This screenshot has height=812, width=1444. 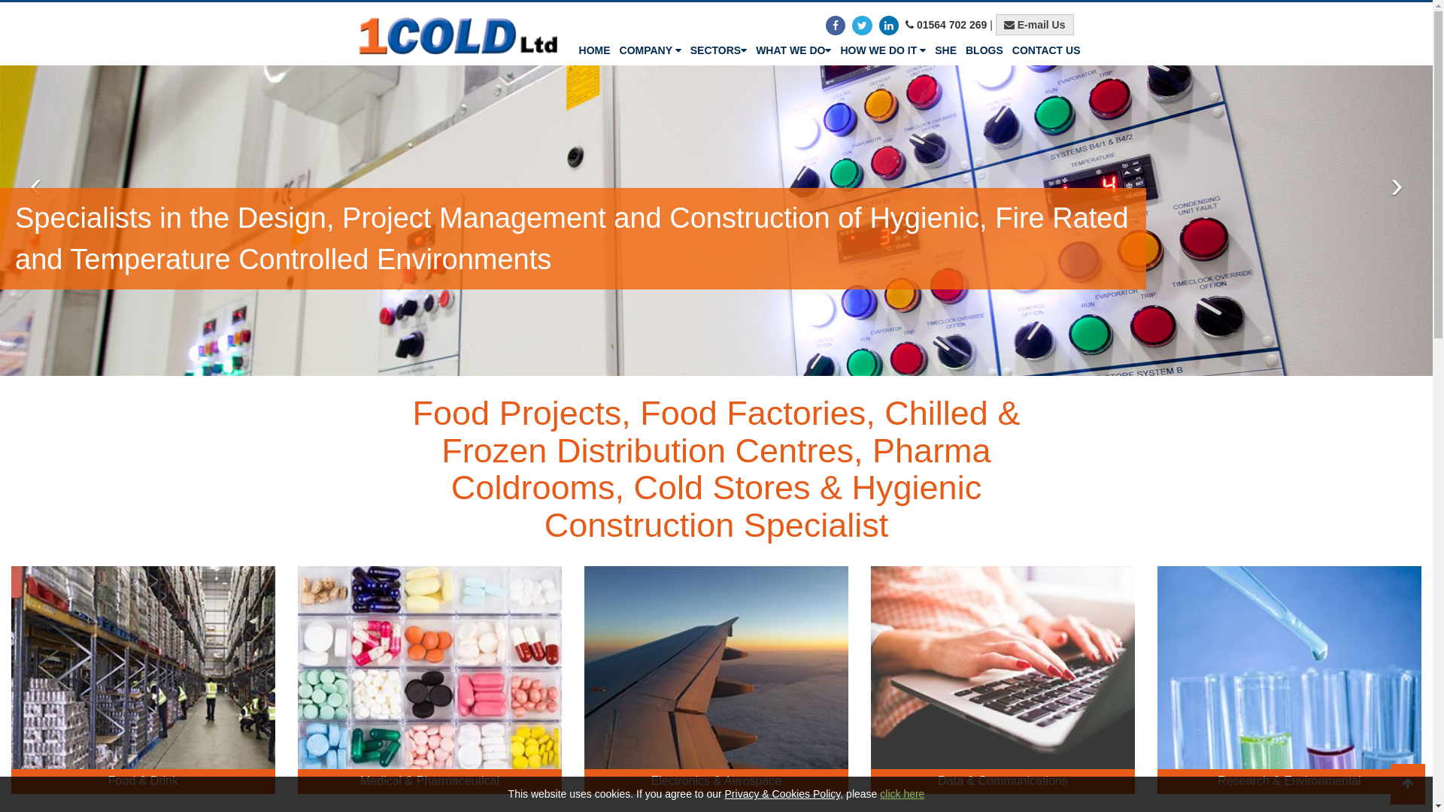 I want to click on 'Medical & Pharmaceutical', so click(x=429, y=680).